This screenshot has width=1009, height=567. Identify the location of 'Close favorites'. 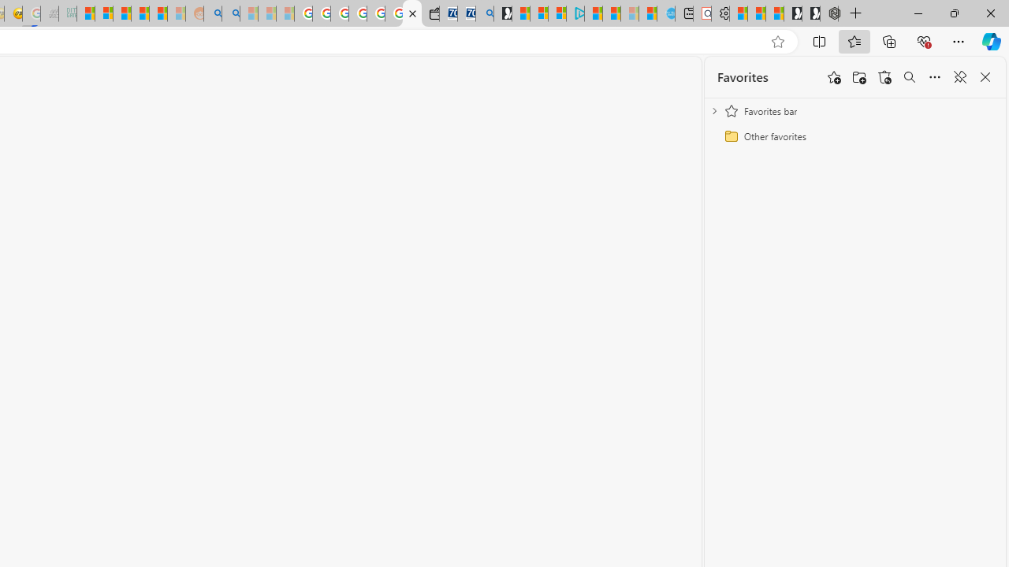
(985, 77).